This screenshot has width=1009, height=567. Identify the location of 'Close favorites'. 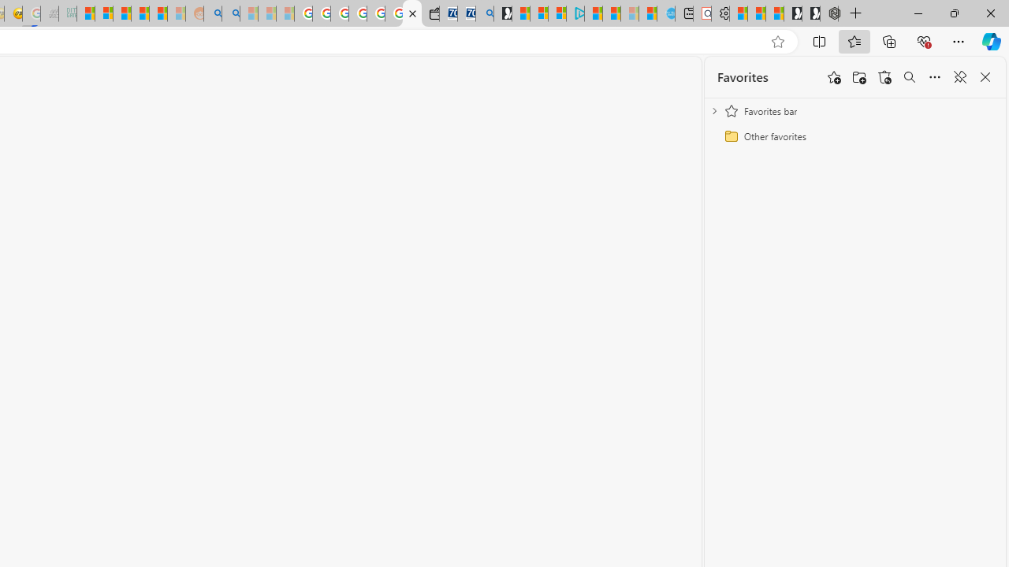
(985, 77).